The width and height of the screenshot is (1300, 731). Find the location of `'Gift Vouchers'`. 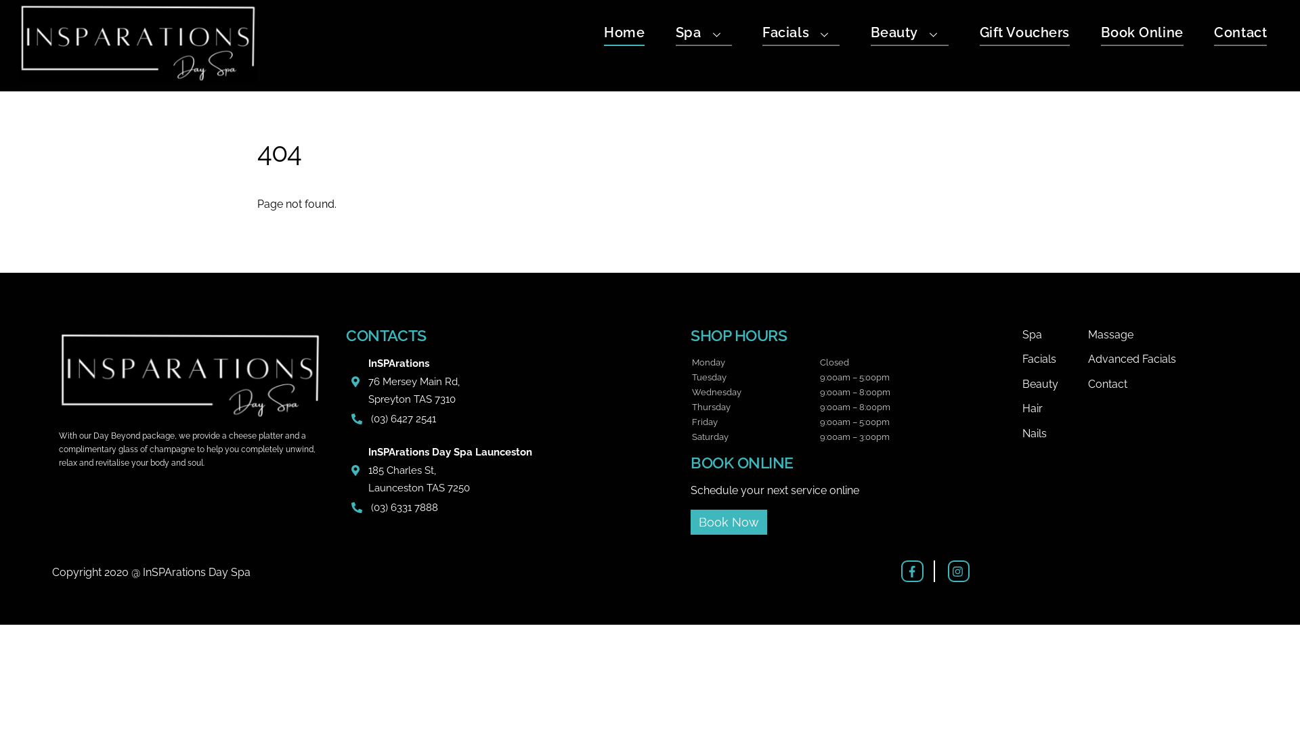

'Gift Vouchers' is located at coordinates (979, 34).